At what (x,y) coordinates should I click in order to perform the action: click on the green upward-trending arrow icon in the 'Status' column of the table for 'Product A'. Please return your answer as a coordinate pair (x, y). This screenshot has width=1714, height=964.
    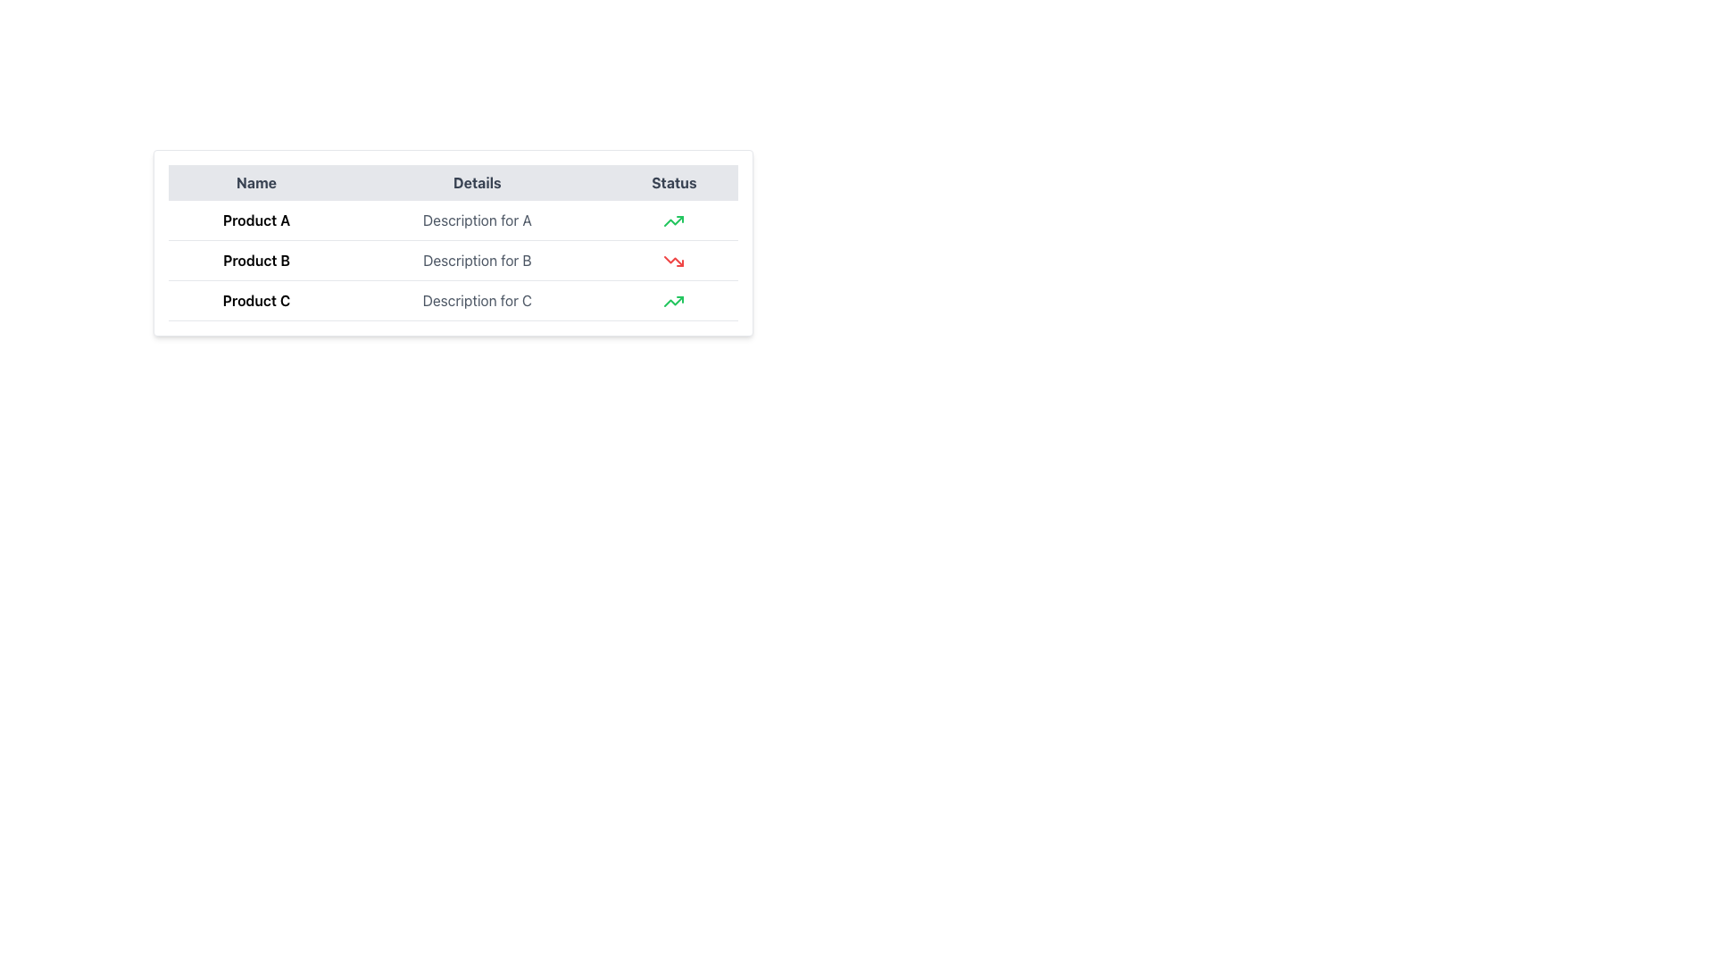
    Looking at the image, I should click on (673, 220).